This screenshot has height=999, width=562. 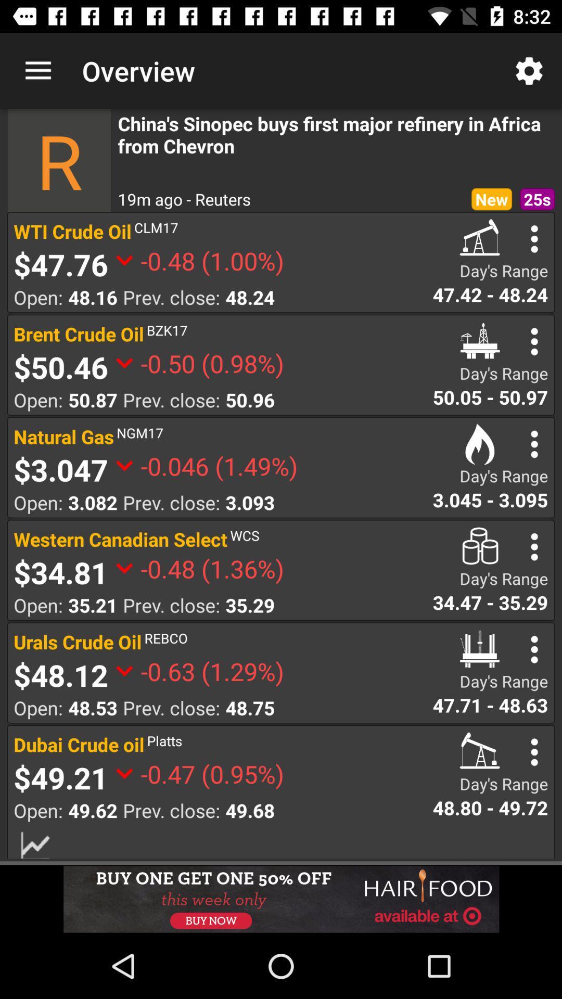 I want to click on clcik three dots, so click(x=534, y=444).